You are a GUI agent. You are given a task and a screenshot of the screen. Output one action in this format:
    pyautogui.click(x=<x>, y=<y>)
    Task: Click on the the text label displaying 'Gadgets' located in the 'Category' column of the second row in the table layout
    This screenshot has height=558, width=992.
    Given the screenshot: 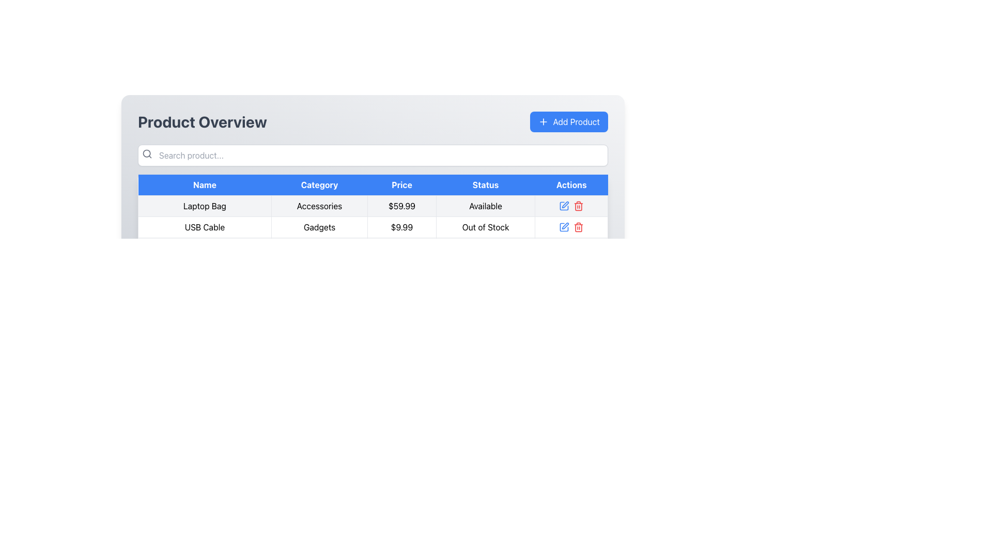 What is the action you would take?
    pyautogui.click(x=319, y=226)
    